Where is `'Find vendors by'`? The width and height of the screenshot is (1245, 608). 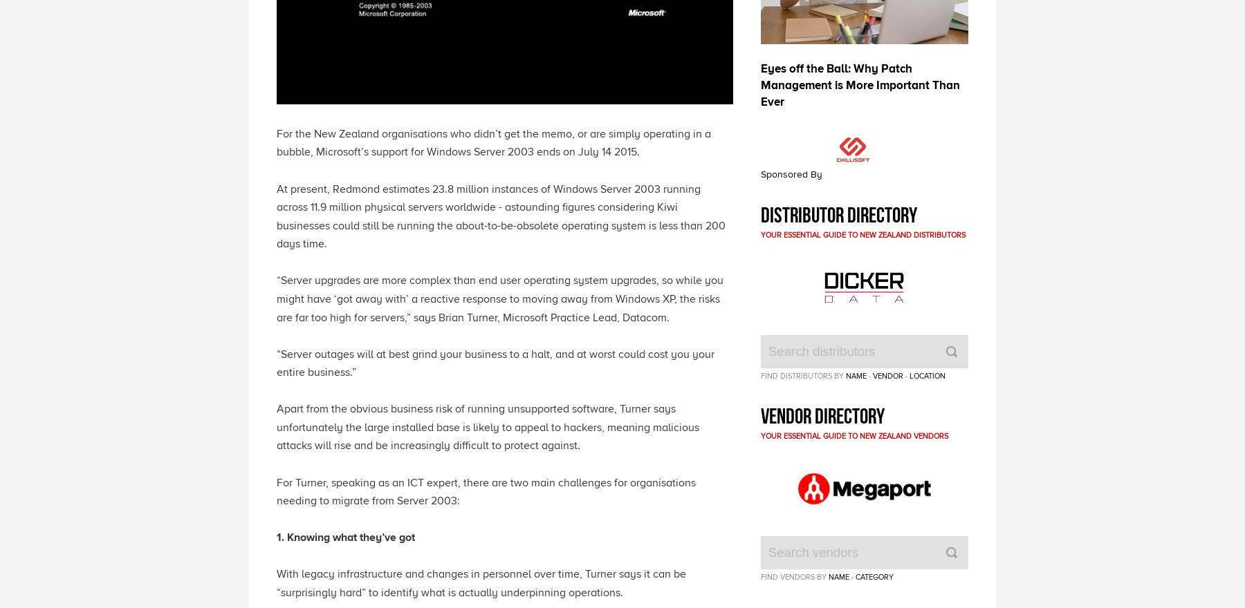
'Find vendors by' is located at coordinates (793, 576).